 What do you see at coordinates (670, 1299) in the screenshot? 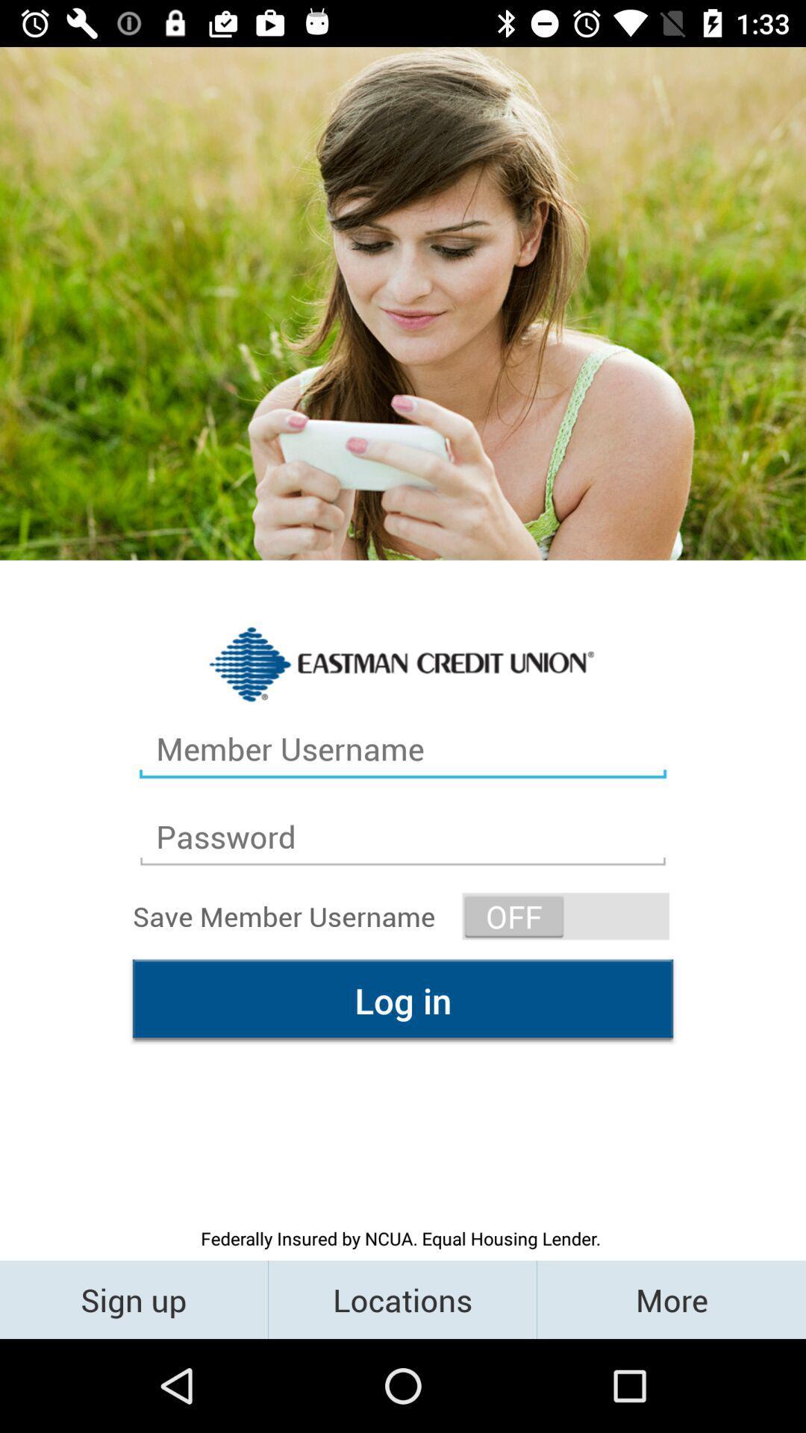
I see `the icon to the right of locations` at bounding box center [670, 1299].